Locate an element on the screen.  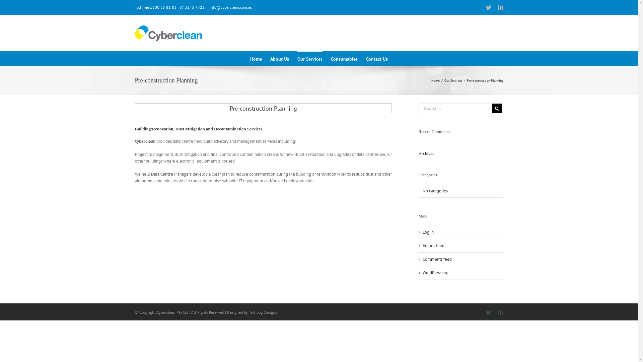
'WordPress.org' is located at coordinates (435, 273).